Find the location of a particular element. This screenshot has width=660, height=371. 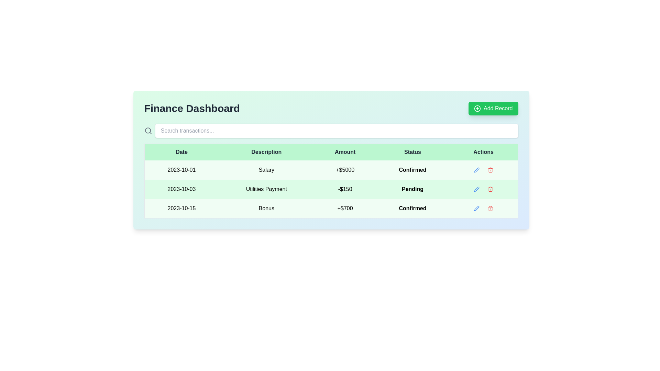

the table cell displaying the text '-$150' in the 'Amount' column of the 'Utilities Payment' transaction row is located at coordinates (345, 189).